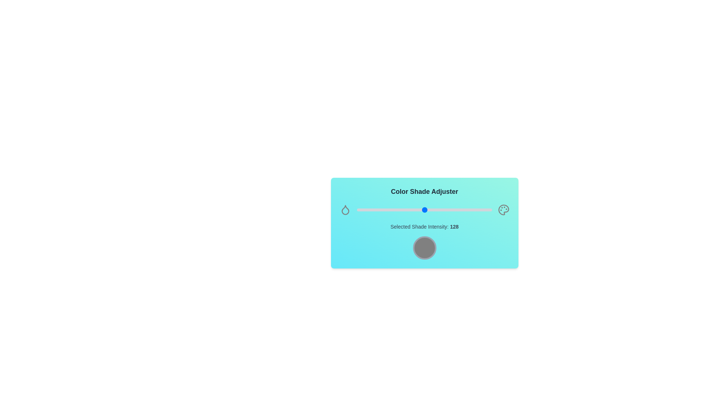 This screenshot has height=395, width=703. I want to click on the shade intensity slider to 68 value, so click(393, 210).